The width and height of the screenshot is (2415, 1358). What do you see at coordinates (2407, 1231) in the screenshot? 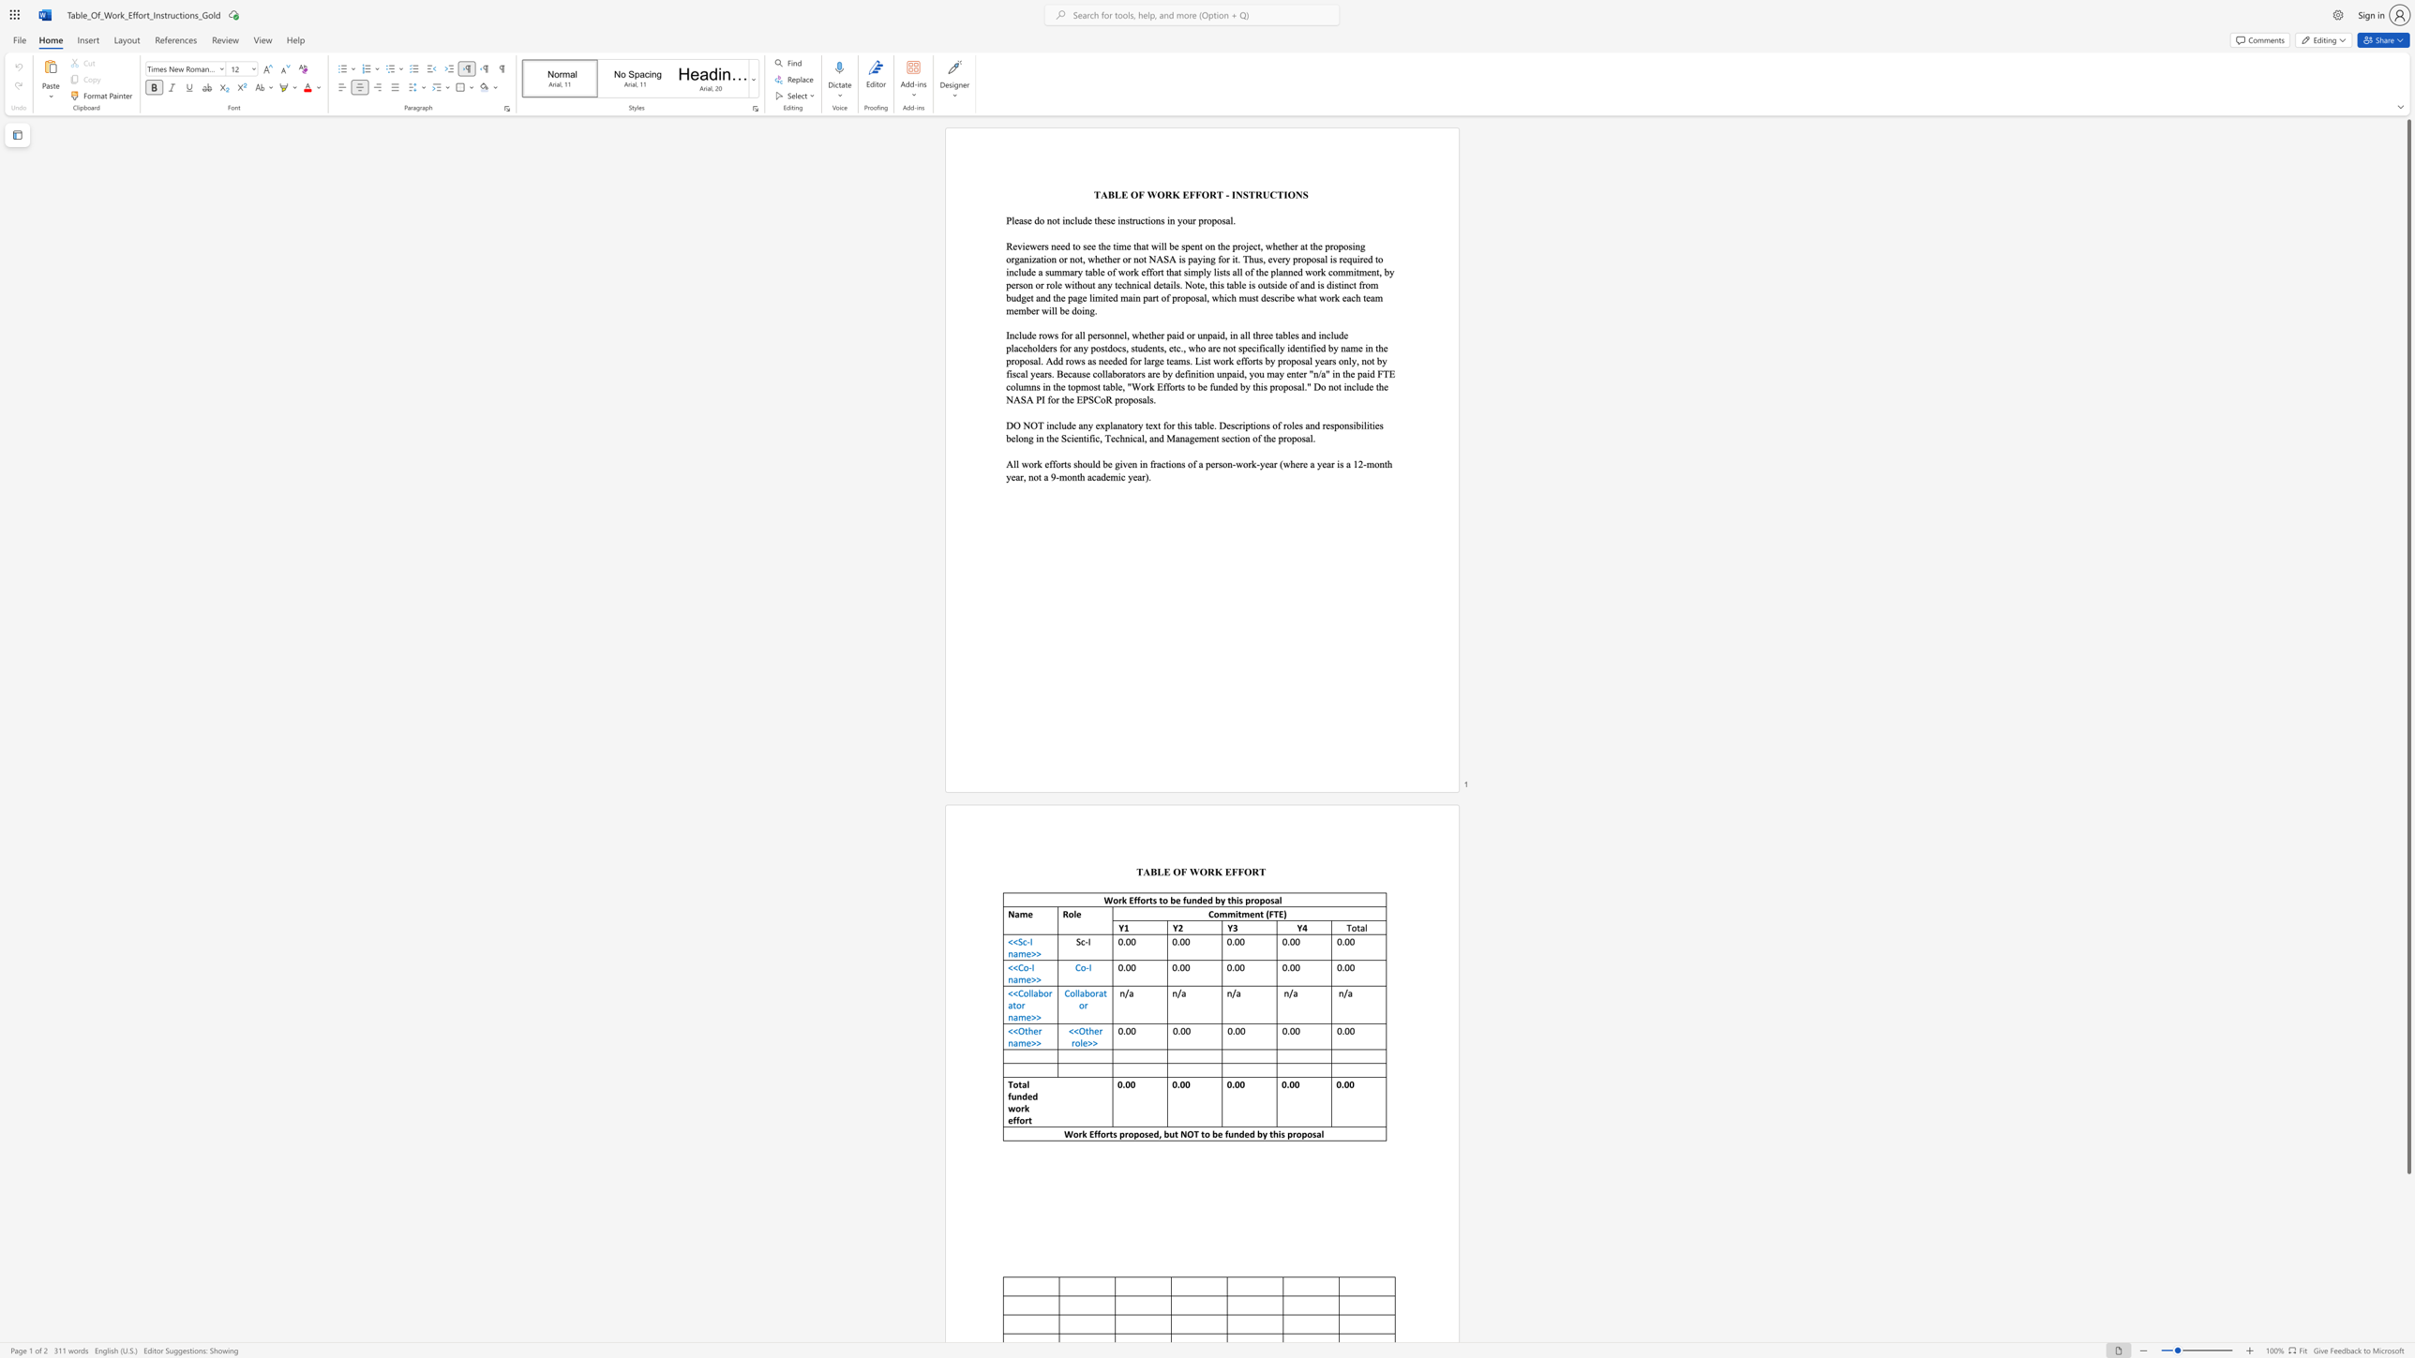
I see `the scrollbar to scroll the page down` at bounding box center [2407, 1231].